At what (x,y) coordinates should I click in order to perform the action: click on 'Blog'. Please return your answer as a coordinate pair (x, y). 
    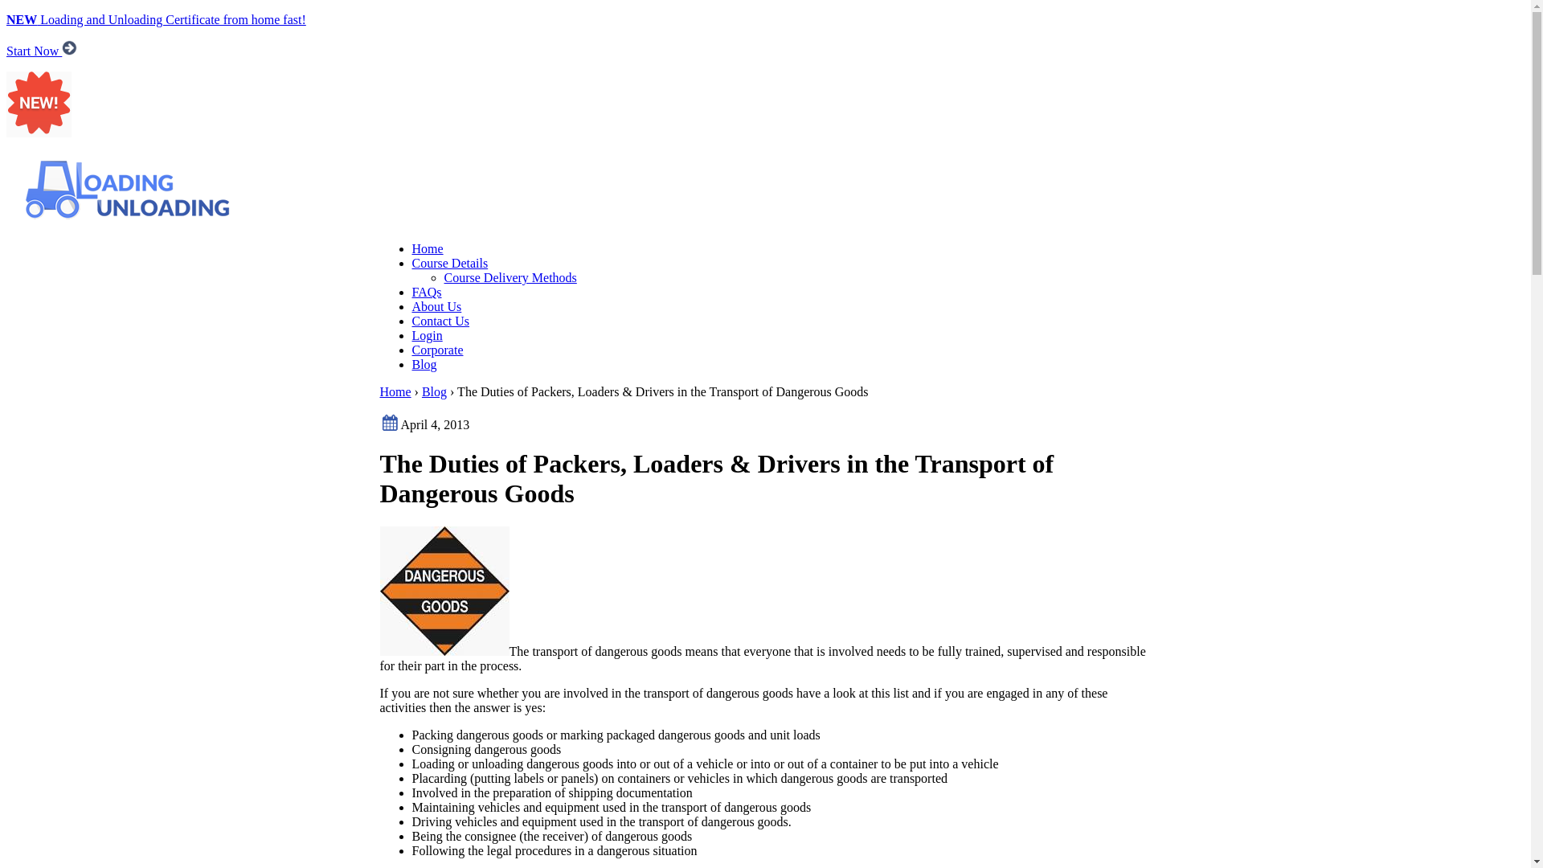
    Looking at the image, I should click on (434, 391).